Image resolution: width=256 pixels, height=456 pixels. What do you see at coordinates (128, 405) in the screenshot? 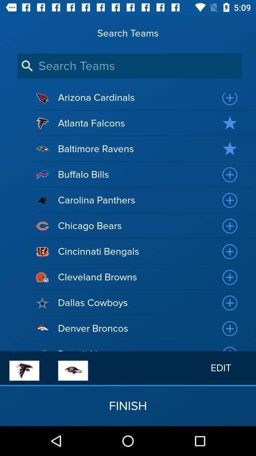
I see `finish item` at bounding box center [128, 405].